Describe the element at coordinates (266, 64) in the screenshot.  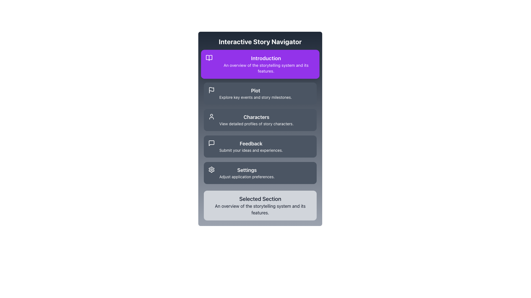
I see `the first menu item in the sidebar labeled 'Introduction' which has a purple background and contains an overview of the storytelling system` at that location.